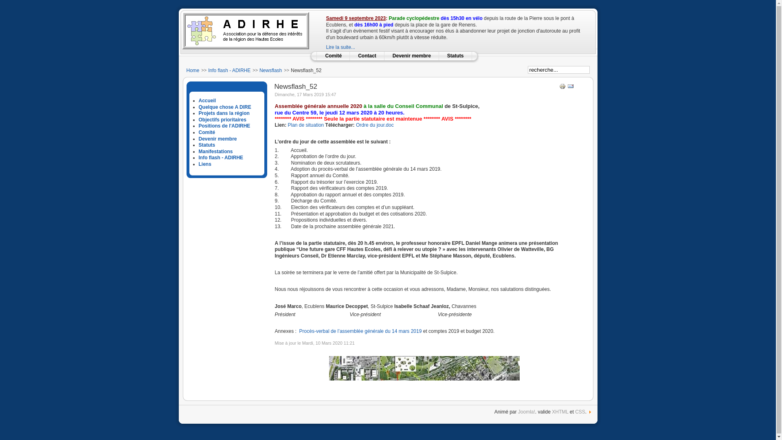 This screenshot has height=440, width=782. What do you see at coordinates (367, 55) in the screenshot?
I see `'Contact'` at bounding box center [367, 55].